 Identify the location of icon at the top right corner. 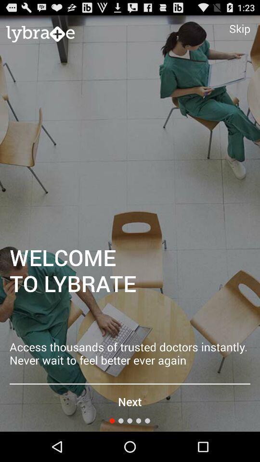
(239, 28).